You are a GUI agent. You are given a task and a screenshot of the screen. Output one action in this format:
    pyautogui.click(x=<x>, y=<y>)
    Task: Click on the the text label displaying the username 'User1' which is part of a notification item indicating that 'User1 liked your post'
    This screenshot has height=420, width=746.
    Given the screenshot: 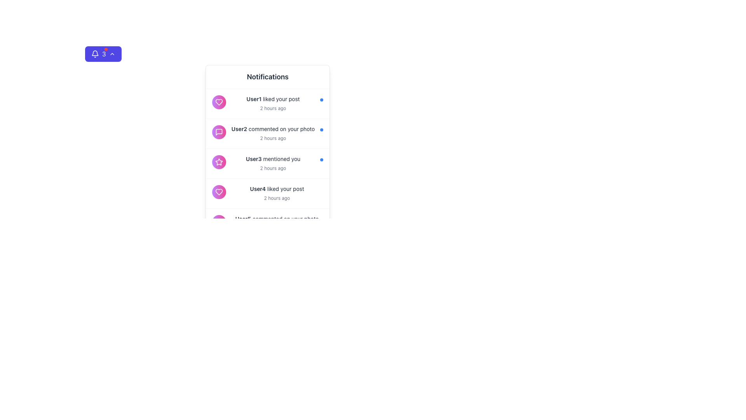 What is the action you would take?
    pyautogui.click(x=254, y=98)
    